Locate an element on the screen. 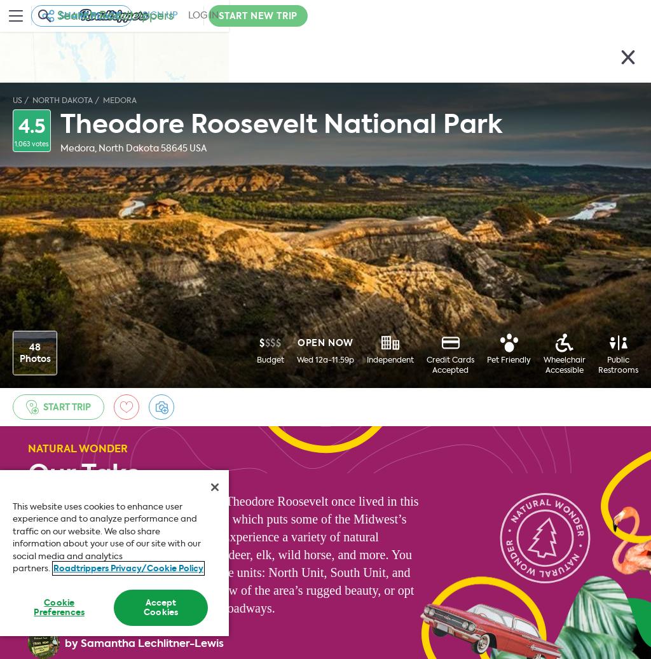 The width and height of the screenshot is (651, 659). 'Pet Friendly' is located at coordinates (509, 359).